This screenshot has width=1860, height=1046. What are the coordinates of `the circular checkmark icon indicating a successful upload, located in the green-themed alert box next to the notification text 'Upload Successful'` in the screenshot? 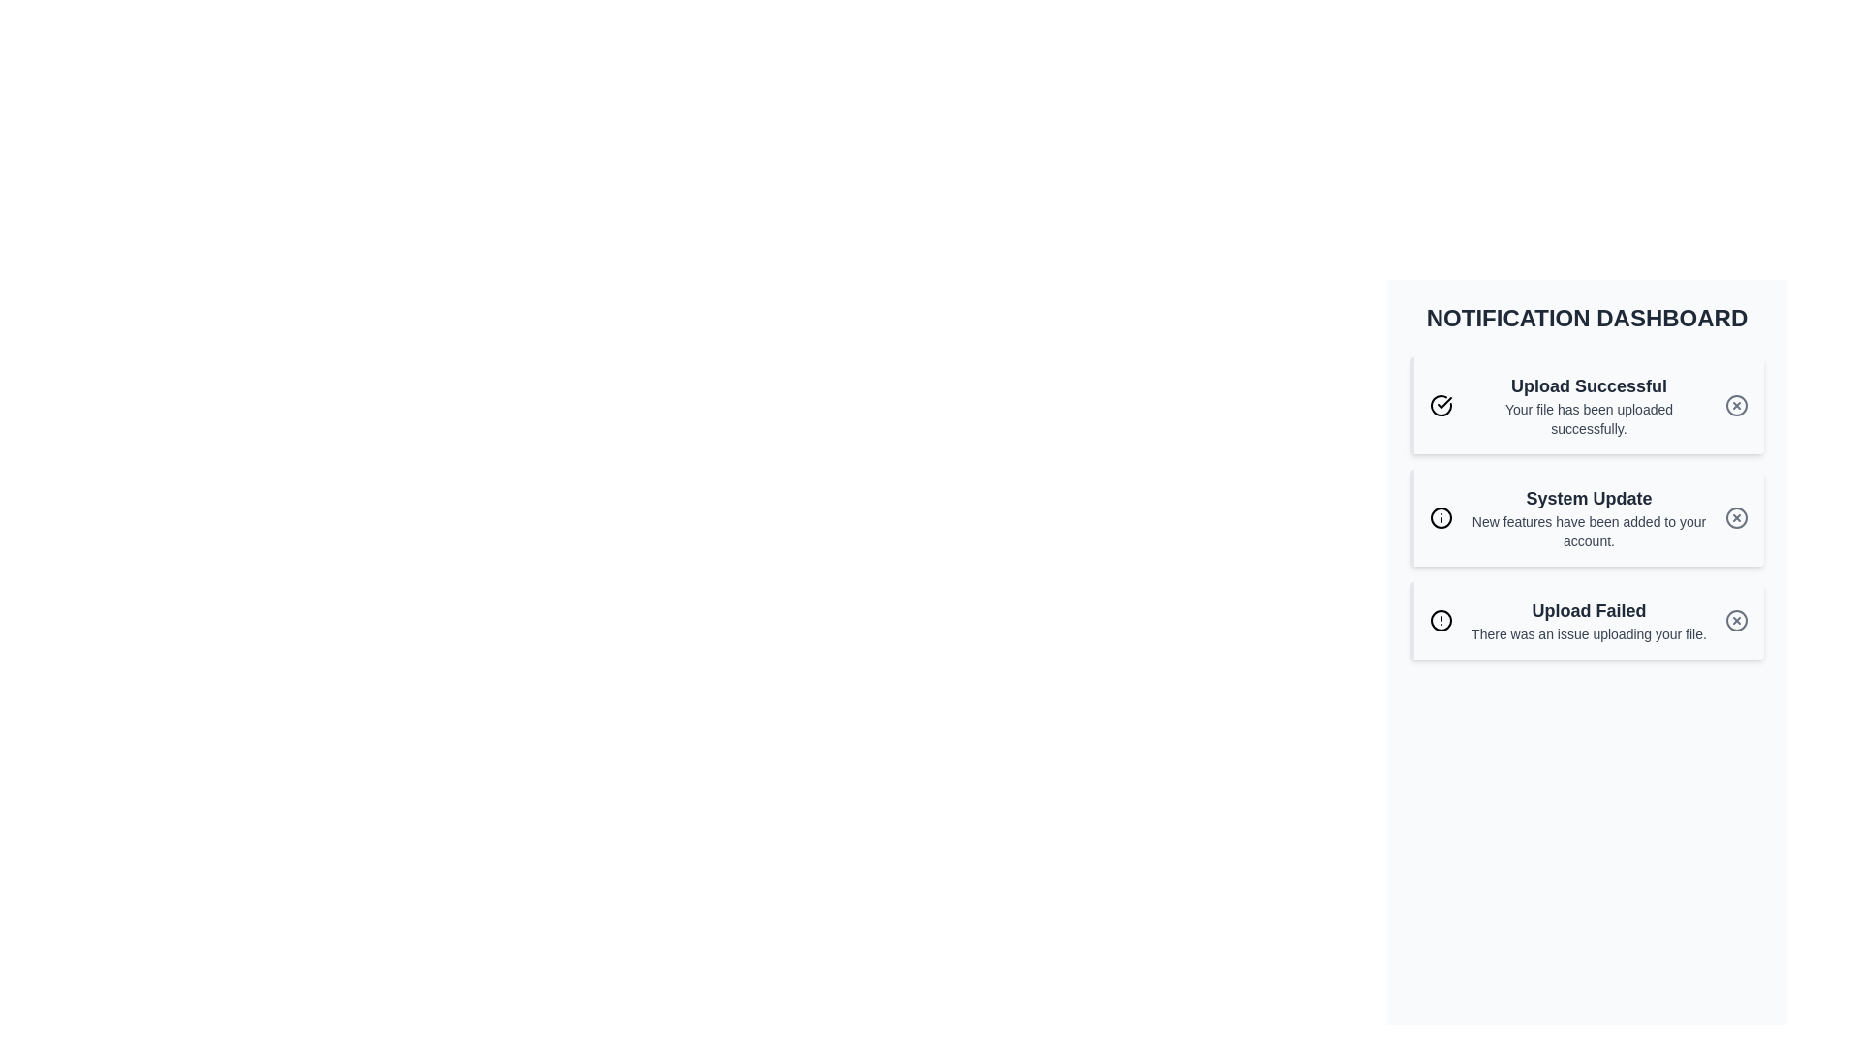 It's located at (1441, 405).